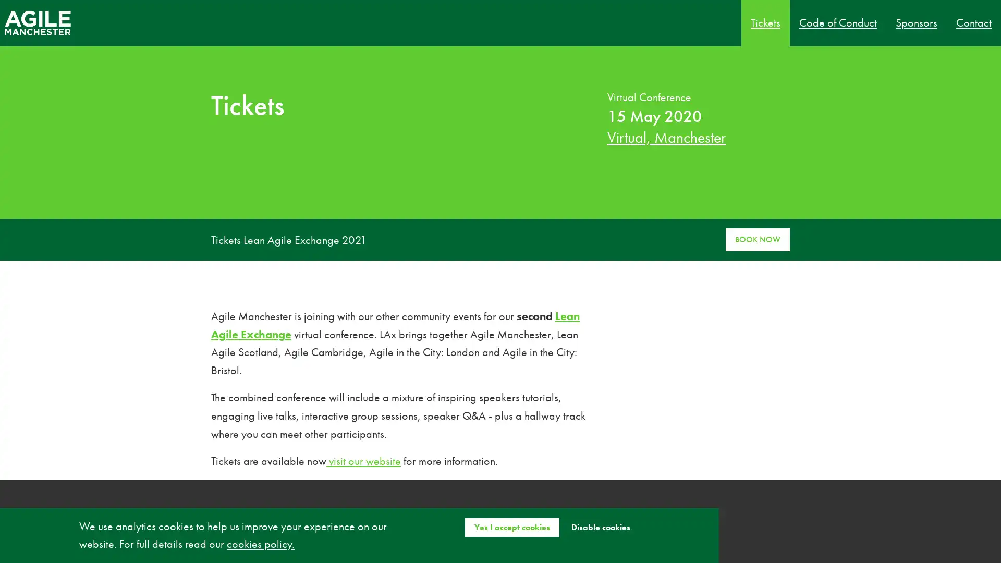 This screenshot has height=563, width=1001. What do you see at coordinates (511, 527) in the screenshot?
I see `Yes I accept cookies` at bounding box center [511, 527].